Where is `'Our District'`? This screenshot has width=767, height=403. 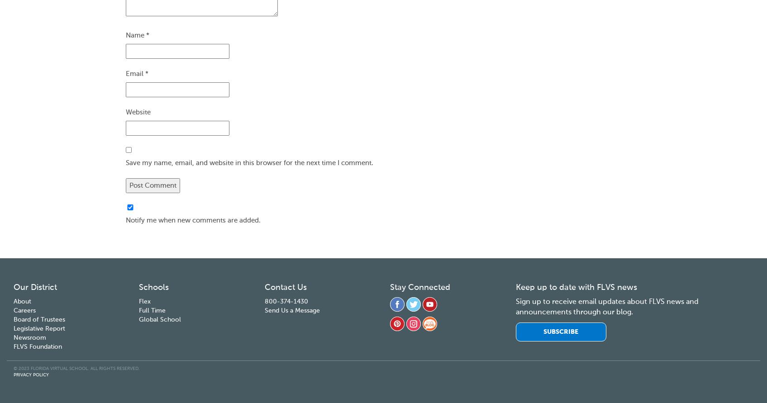 'Our District' is located at coordinates (14, 287).